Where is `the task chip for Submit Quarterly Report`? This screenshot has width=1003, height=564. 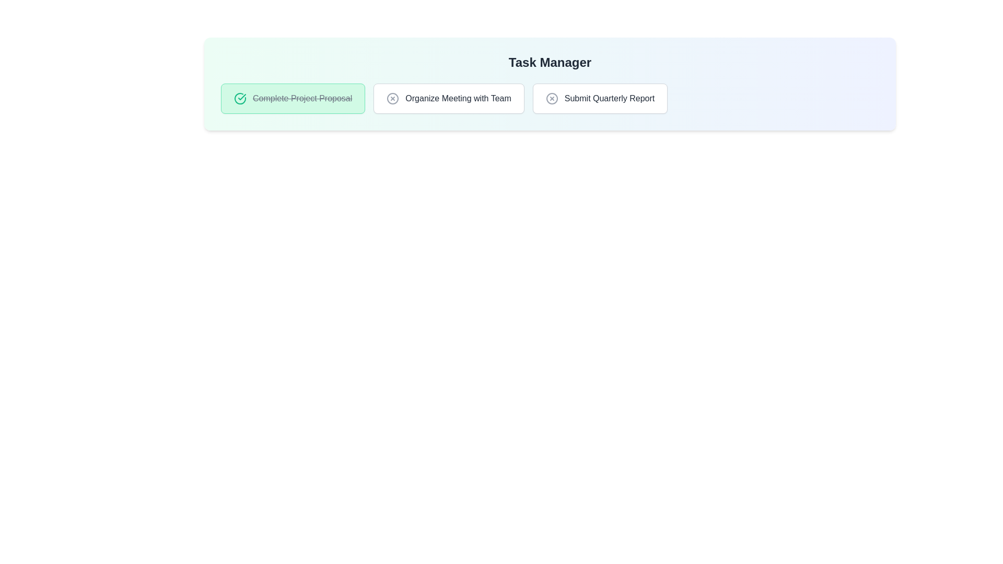
the task chip for Submit Quarterly Report is located at coordinates (600, 99).